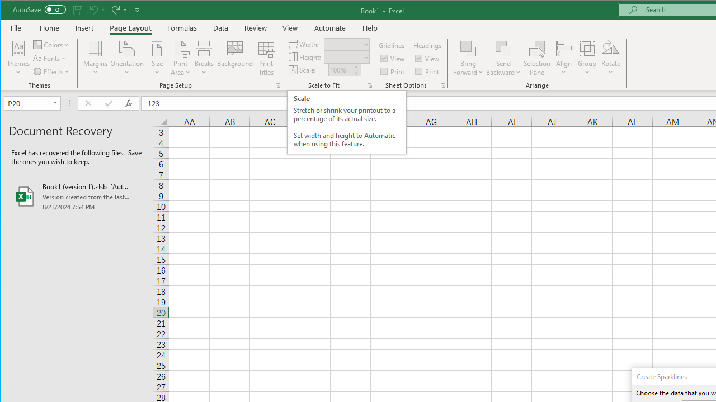 Image resolution: width=716 pixels, height=402 pixels. Describe the element at coordinates (16, 27) in the screenshot. I see `'File Tab'` at that location.